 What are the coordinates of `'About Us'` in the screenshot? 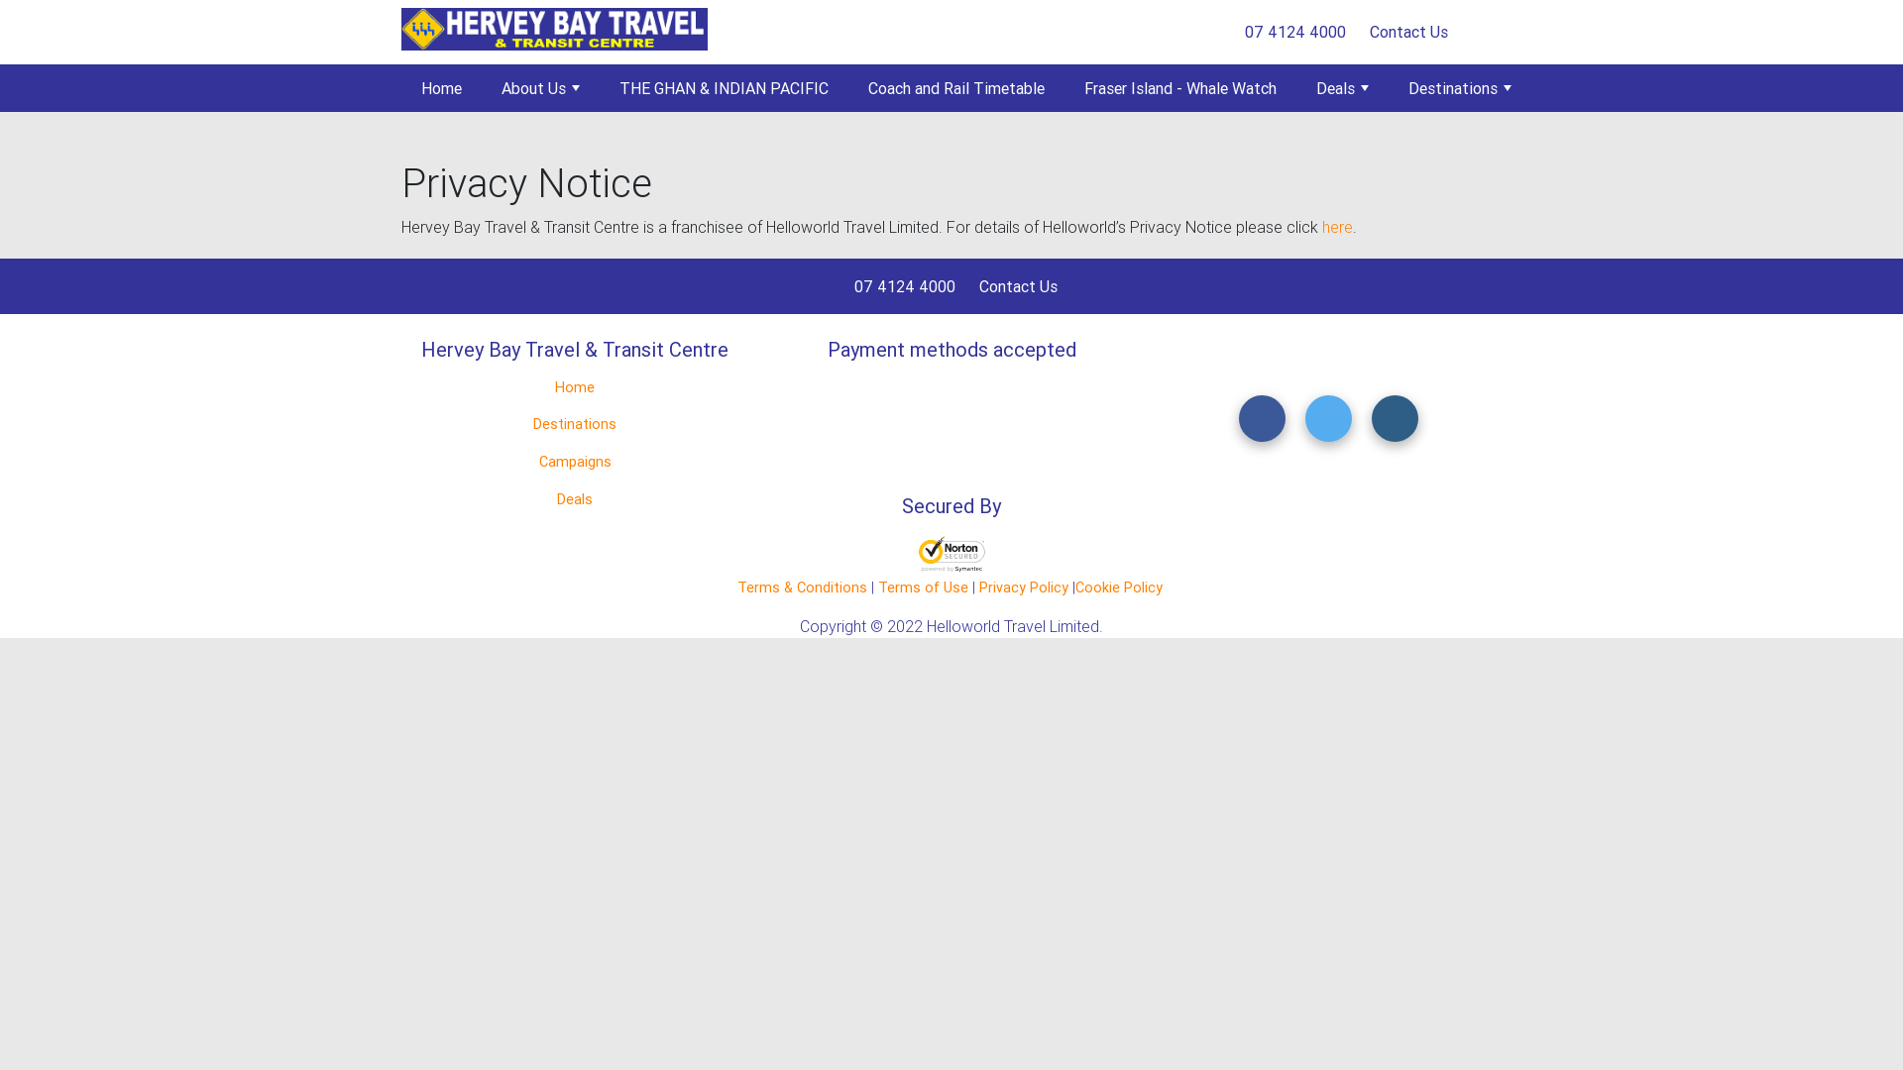 It's located at (540, 86).